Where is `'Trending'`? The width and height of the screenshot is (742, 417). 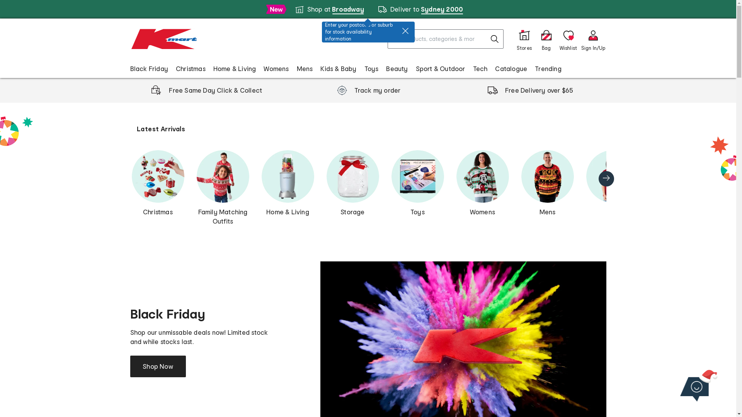
'Trending' is located at coordinates (548, 68).